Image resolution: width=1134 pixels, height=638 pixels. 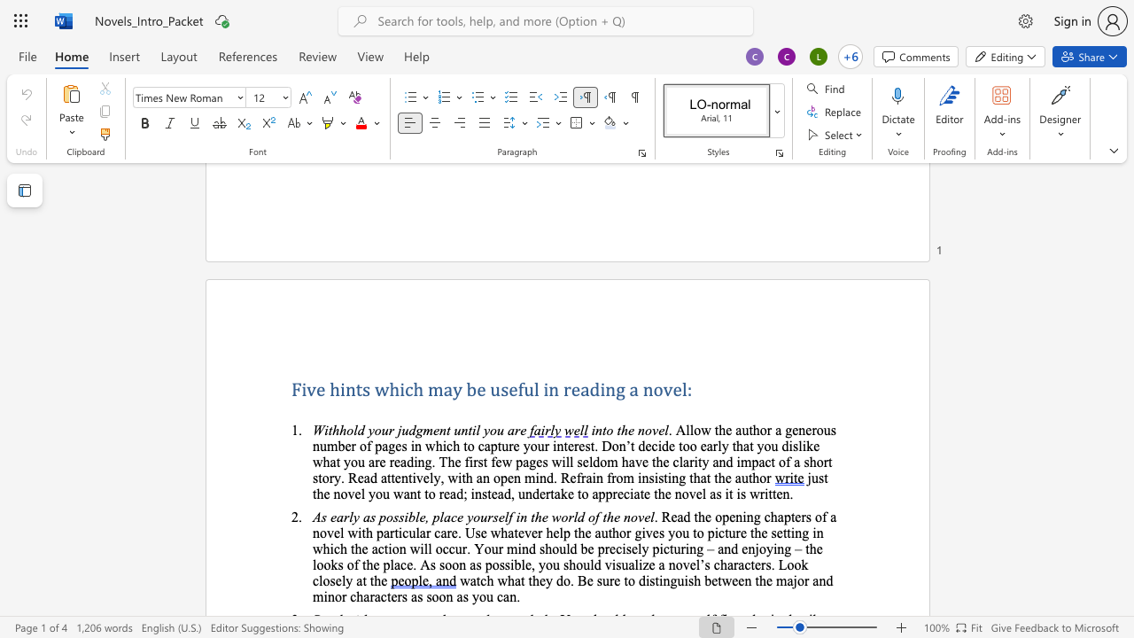 What do you see at coordinates (524, 388) in the screenshot?
I see `the space between the continuous character "f" and "u" in the text` at bounding box center [524, 388].